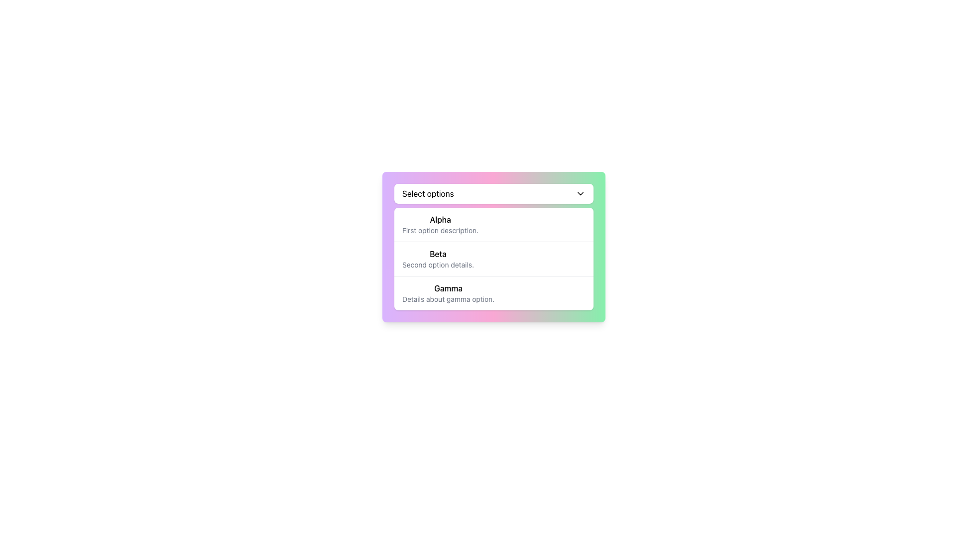 This screenshot has width=956, height=538. Describe the element at coordinates (448, 299) in the screenshot. I see `the text element that says 'Details about gamma option.' which is styled in gray and located beneath the 'Gamma' heading in the dropdown list` at that location.